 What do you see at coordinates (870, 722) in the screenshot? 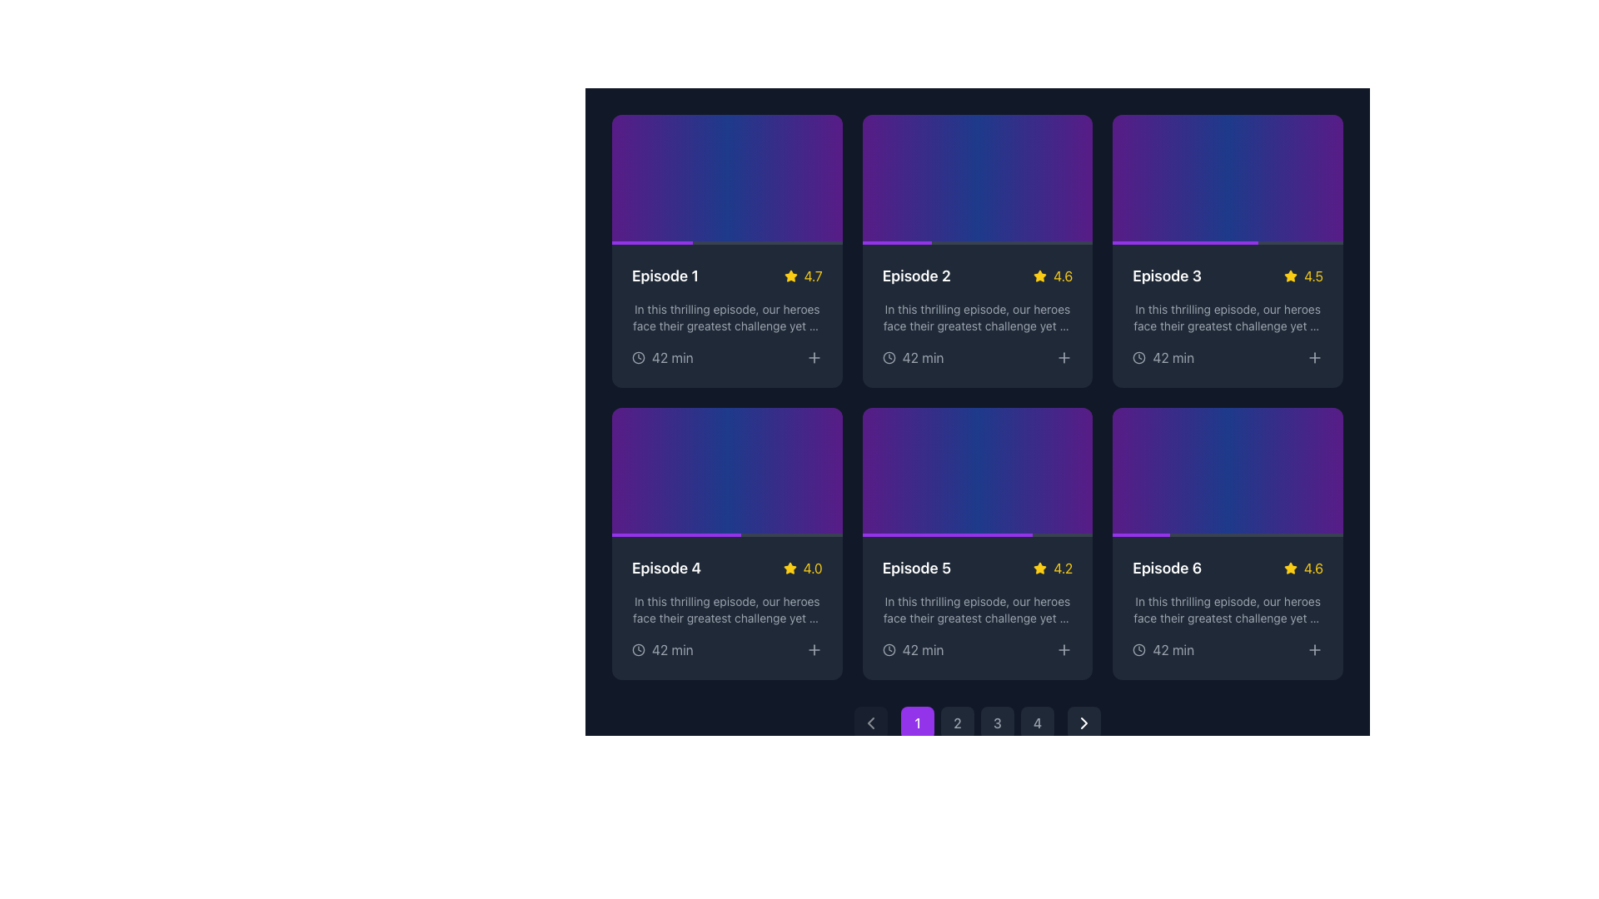
I see `the 'previous page' button with an arrow` at bounding box center [870, 722].